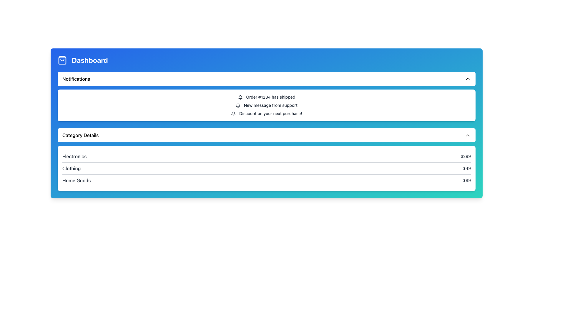  I want to click on the appearance of the bell-shaped icon located to the left of the text 'Order #1234 has shipped', so click(240, 97).